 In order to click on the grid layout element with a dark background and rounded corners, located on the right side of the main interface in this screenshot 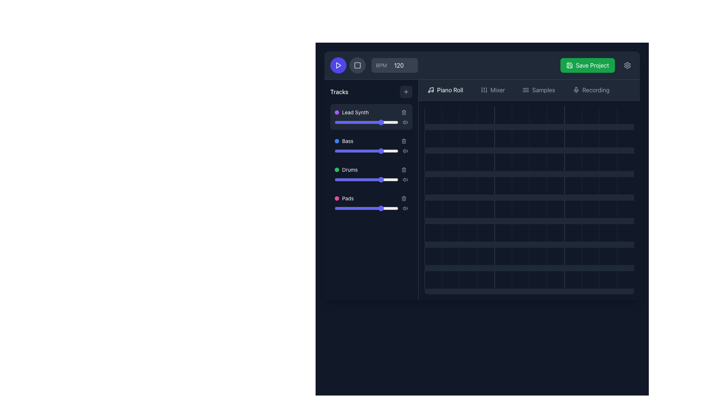, I will do `click(529, 200)`.